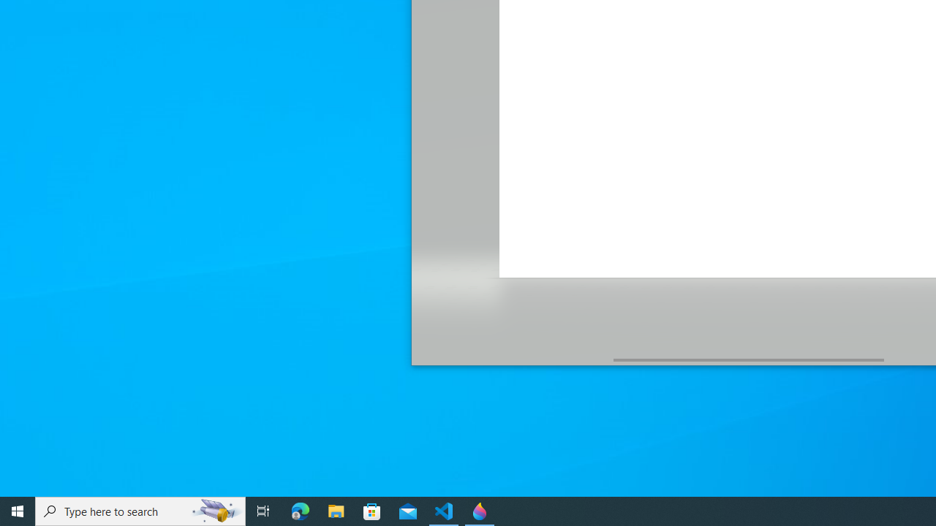 This screenshot has width=936, height=526. I want to click on 'Search highlights icon opens search home window', so click(215, 510).